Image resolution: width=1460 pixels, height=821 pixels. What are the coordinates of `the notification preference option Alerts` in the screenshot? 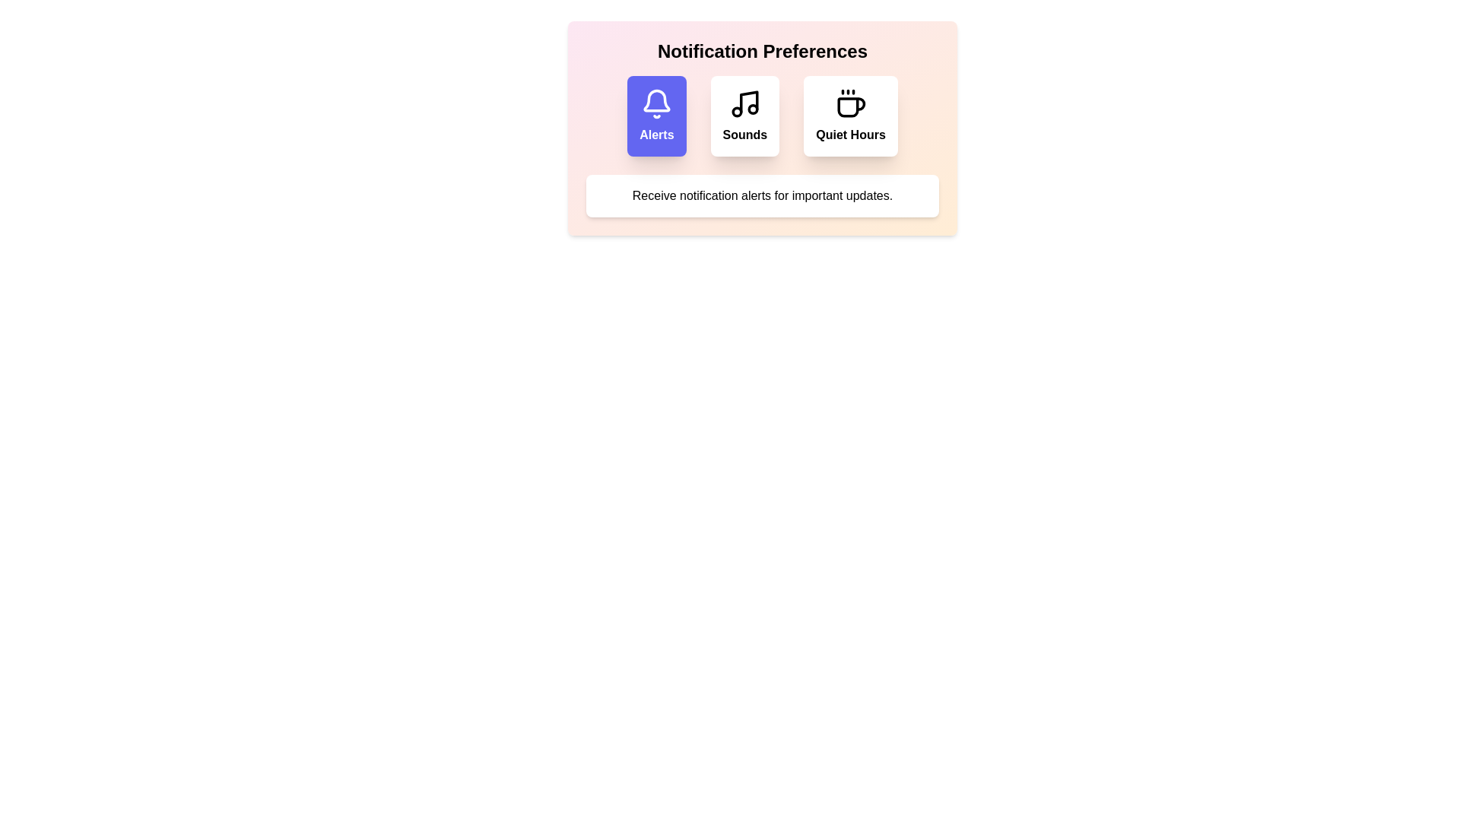 It's located at (656, 116).